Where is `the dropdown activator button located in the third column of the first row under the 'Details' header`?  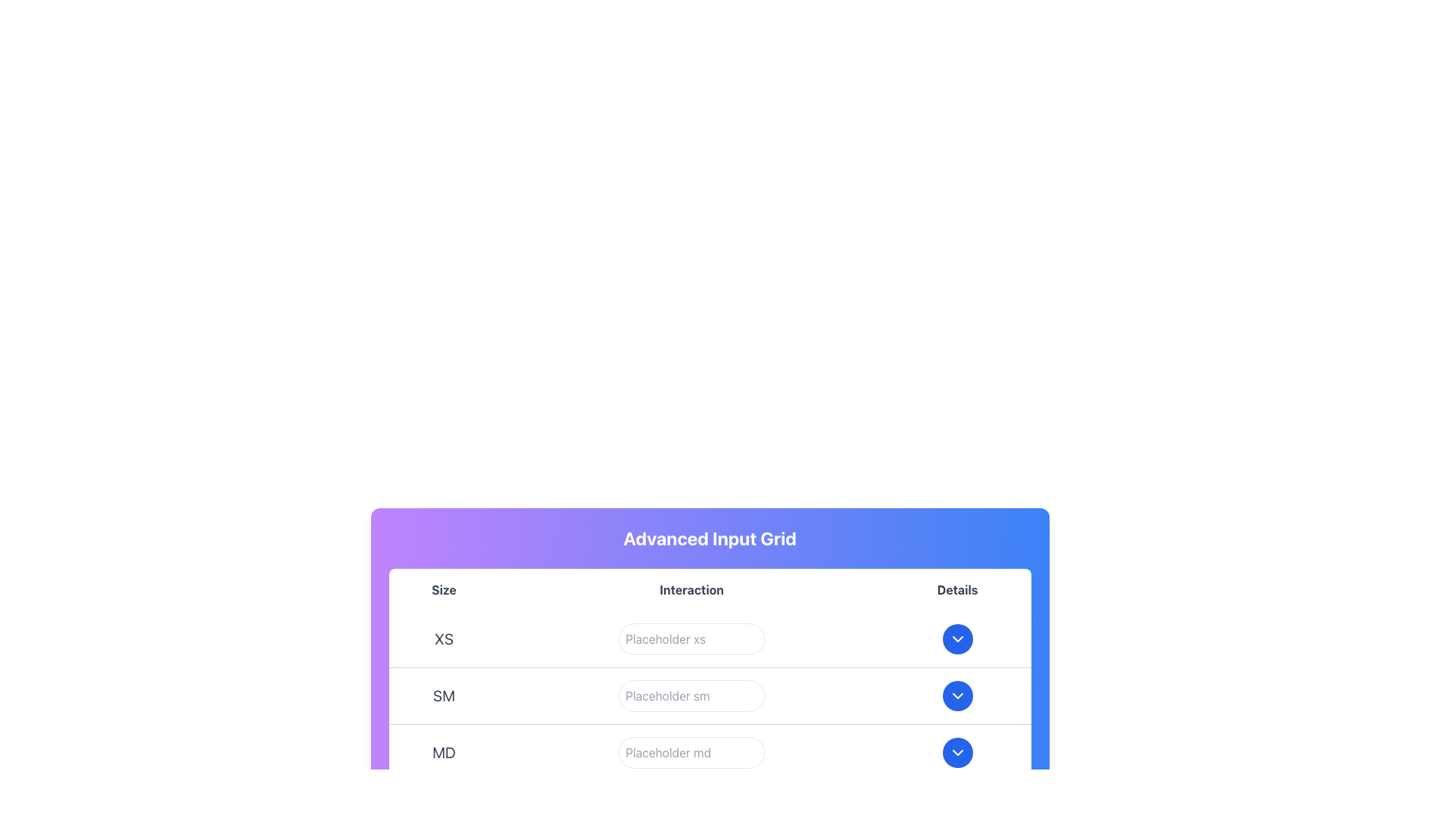
the dropdown activator button located in the third column of the first row under the 'Details' header is located at coordinates (956, 639).